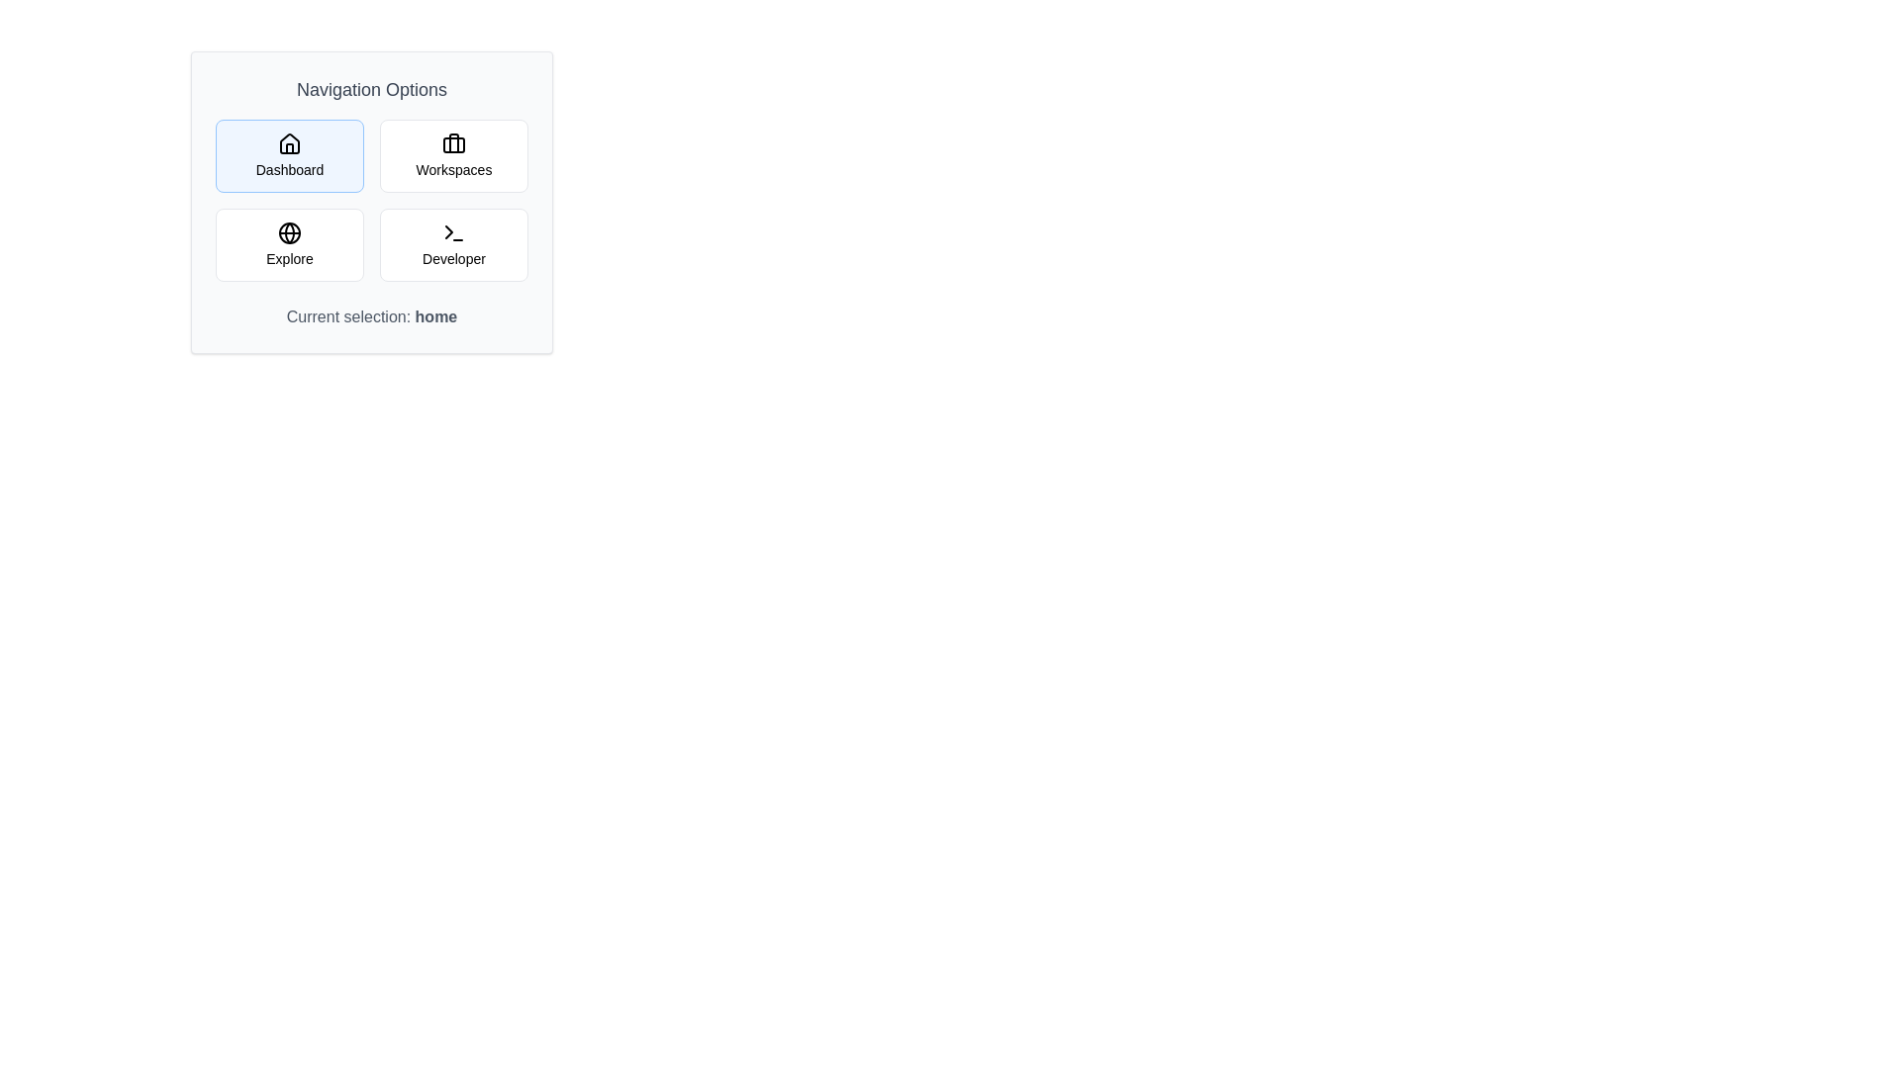  Describe the element at coordinates (453, 155) in the screenshot. I see `the Workspaces navigation option to select it` at that location.